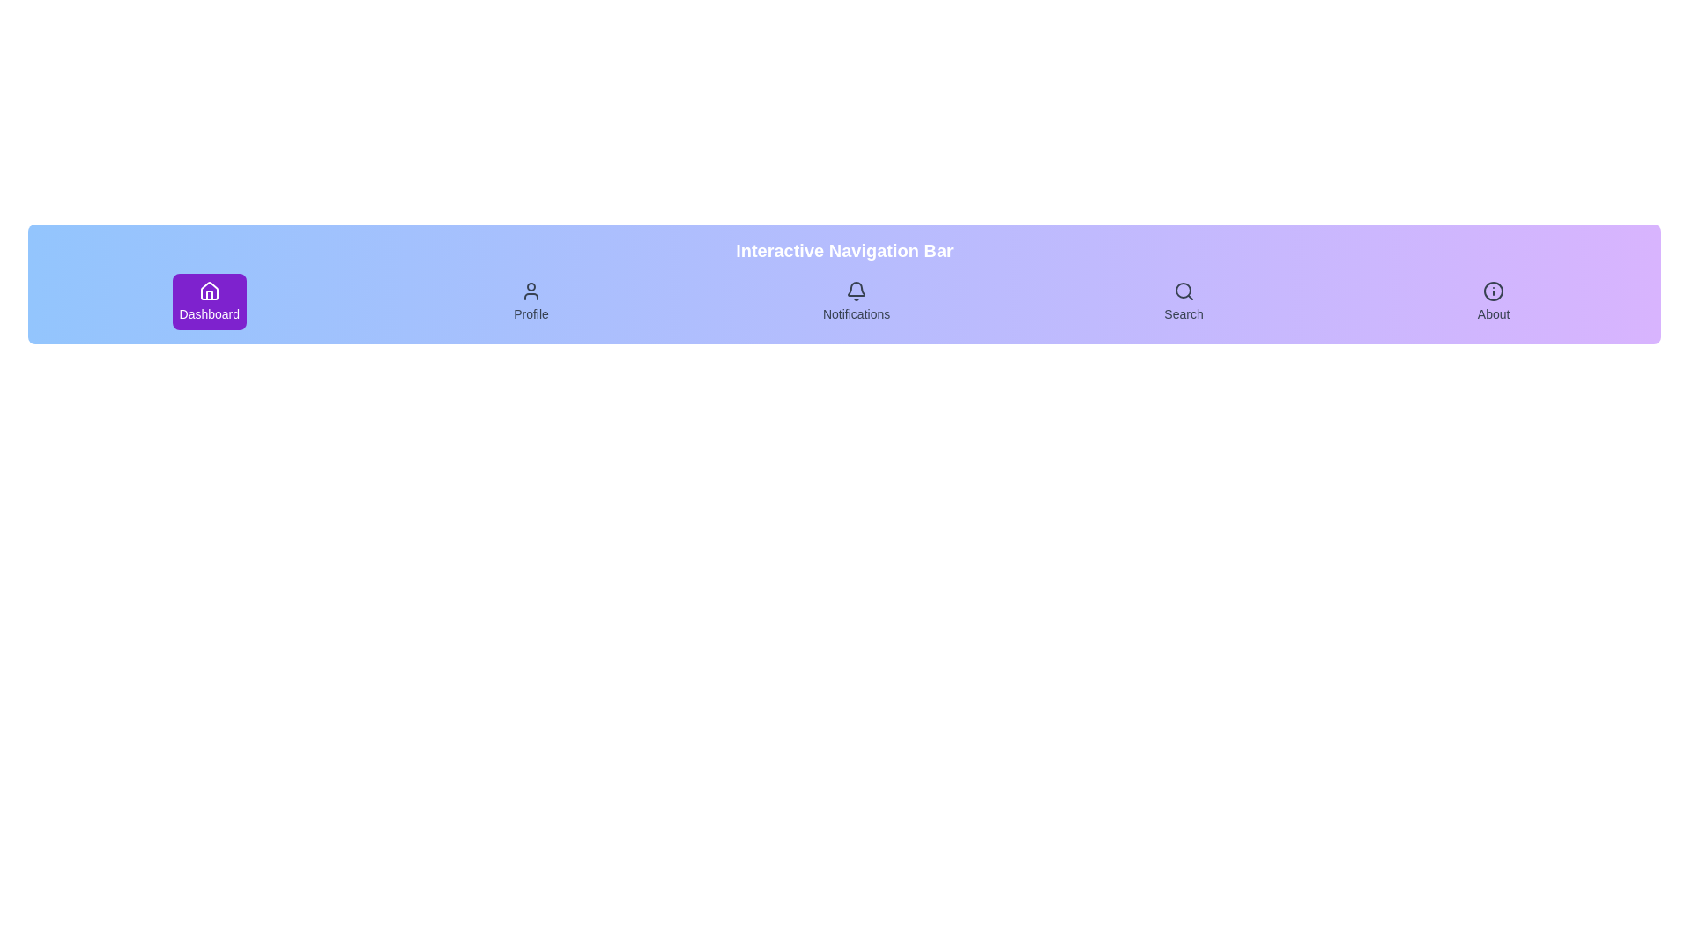 Image resolution: width=1692 pixels, height=951 pixels. What do you see at coordinates (209, 301) in the screenshot?
I see `the navigation item Dashboard to highlight it` at bounding box center [209, 301].